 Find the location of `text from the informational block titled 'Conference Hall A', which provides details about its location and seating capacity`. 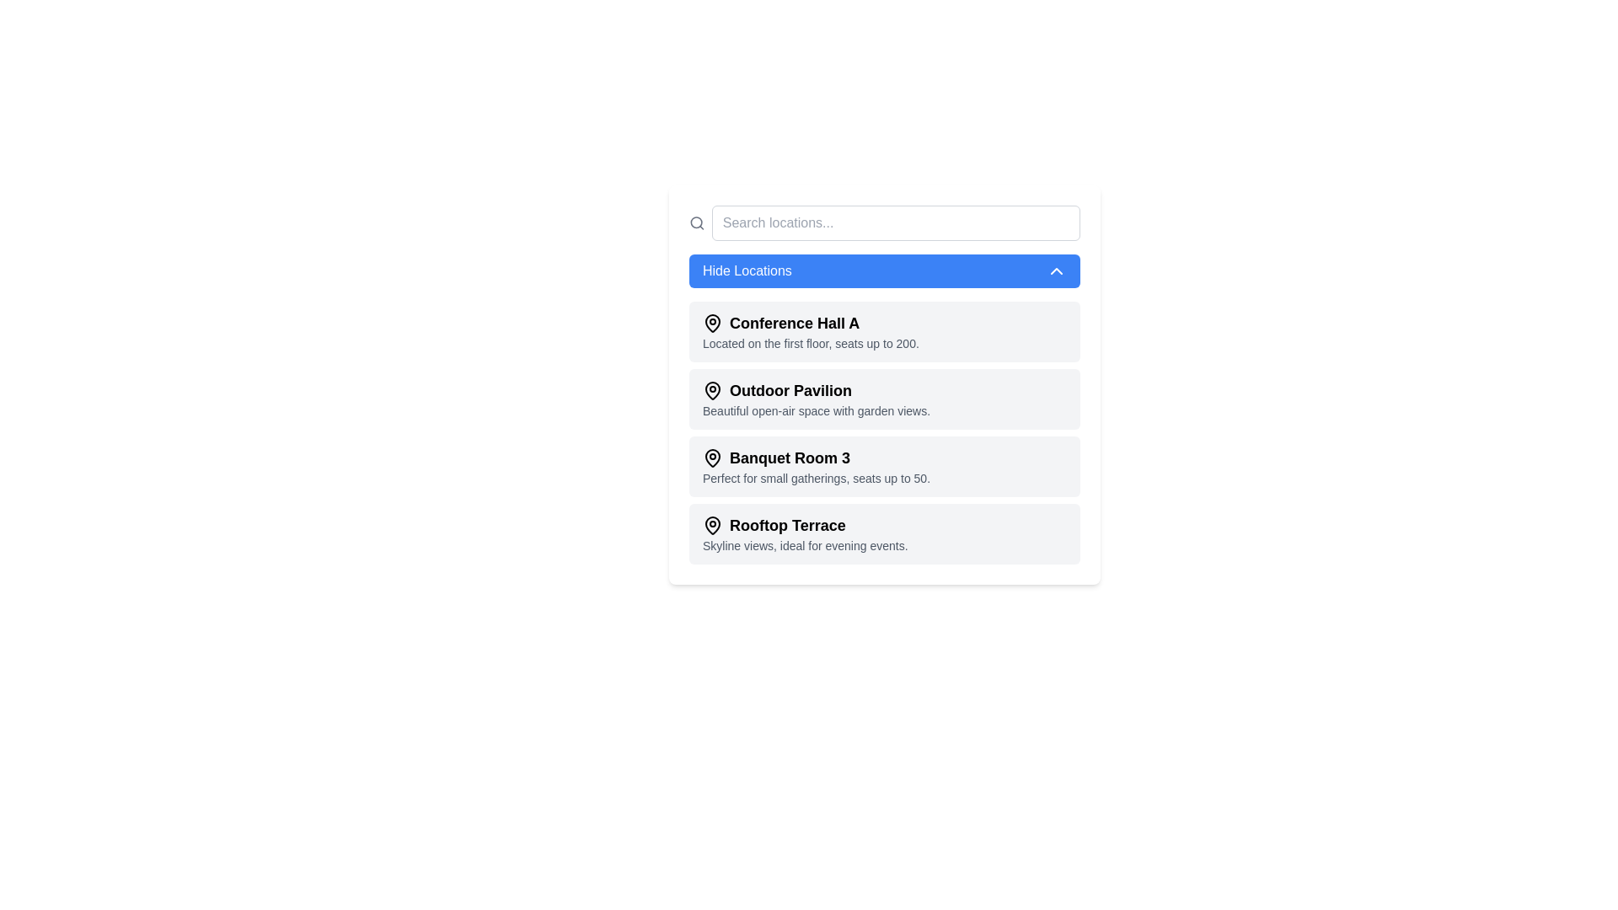

text from the informational block titled 'Conference Hall A', which provides details about its location and seating capacity is located at coordinates (884, 331).